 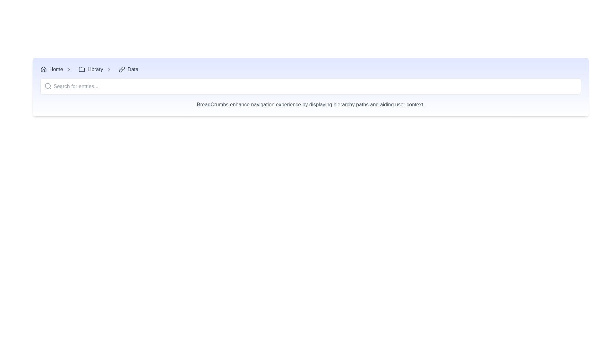 What do you see at coordinates (56, 69) in the screenshot?
I see `the 'Home' breadcrumb navigation label located in the breadcrumb navigation bar at the top of the interface` at bounding box center [56, 69].